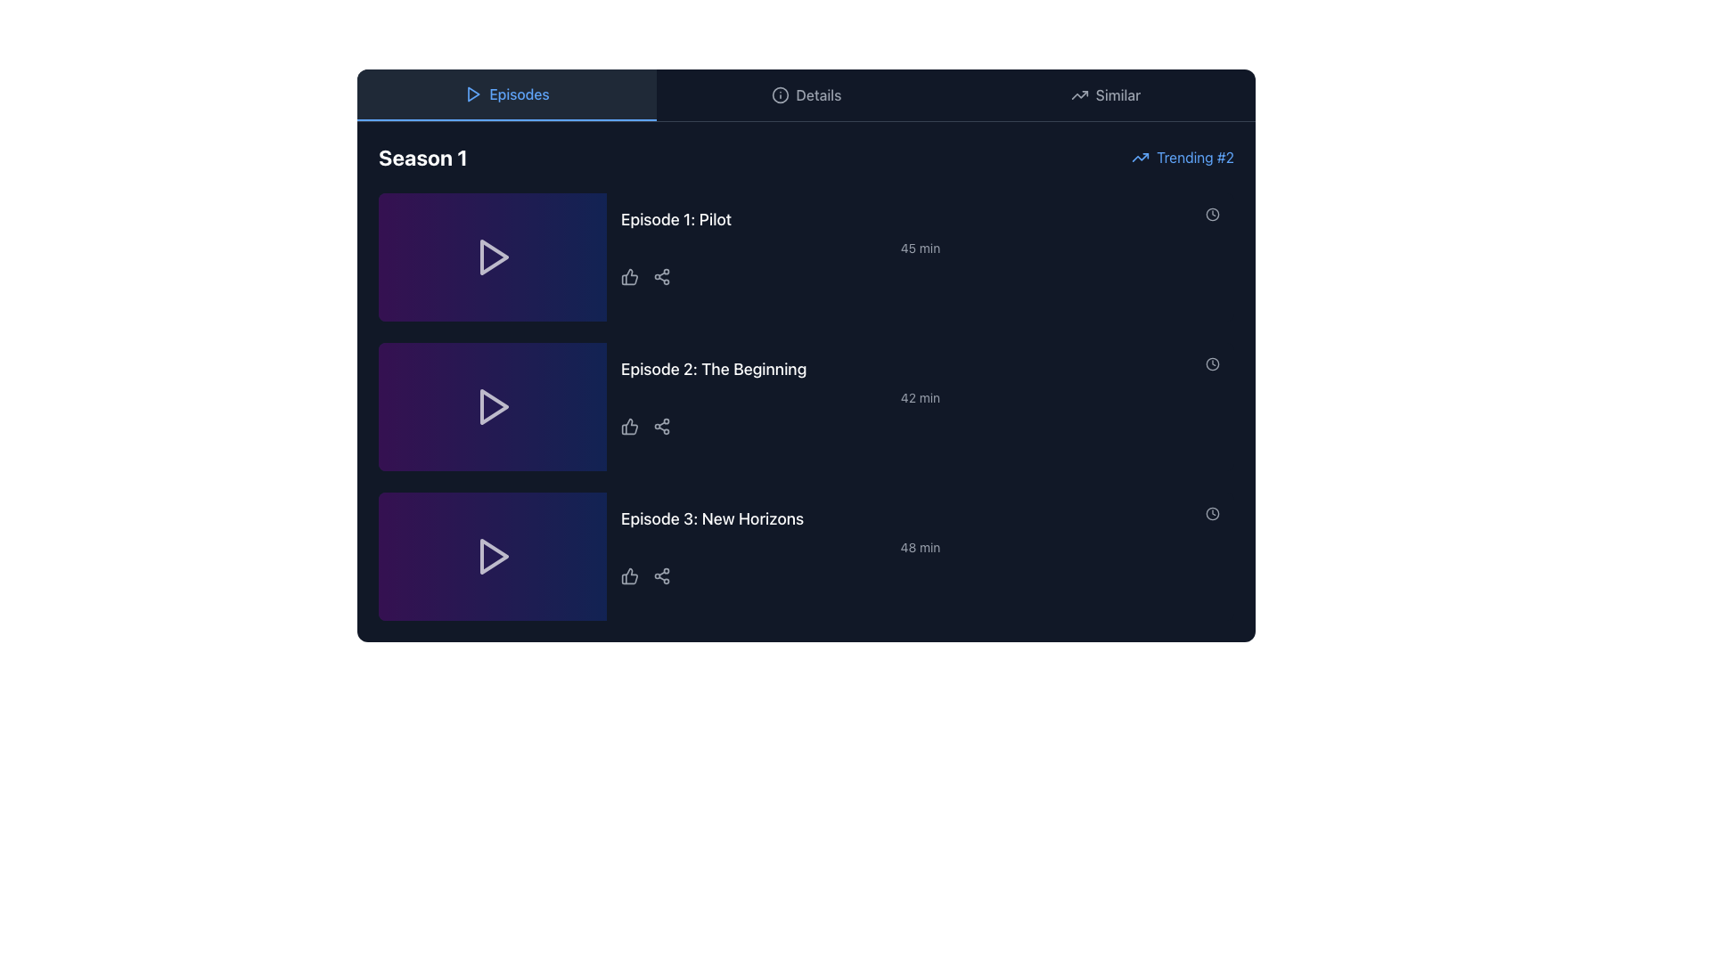 The height and width of the screenshot is (962, 1711). Describe the element at coordinates (1078, 95) in the screenshot. I see `the icon segment of the graphical trend indicator located near the top-right corner of the interface, beside the 'Trending #2' label` at that location.